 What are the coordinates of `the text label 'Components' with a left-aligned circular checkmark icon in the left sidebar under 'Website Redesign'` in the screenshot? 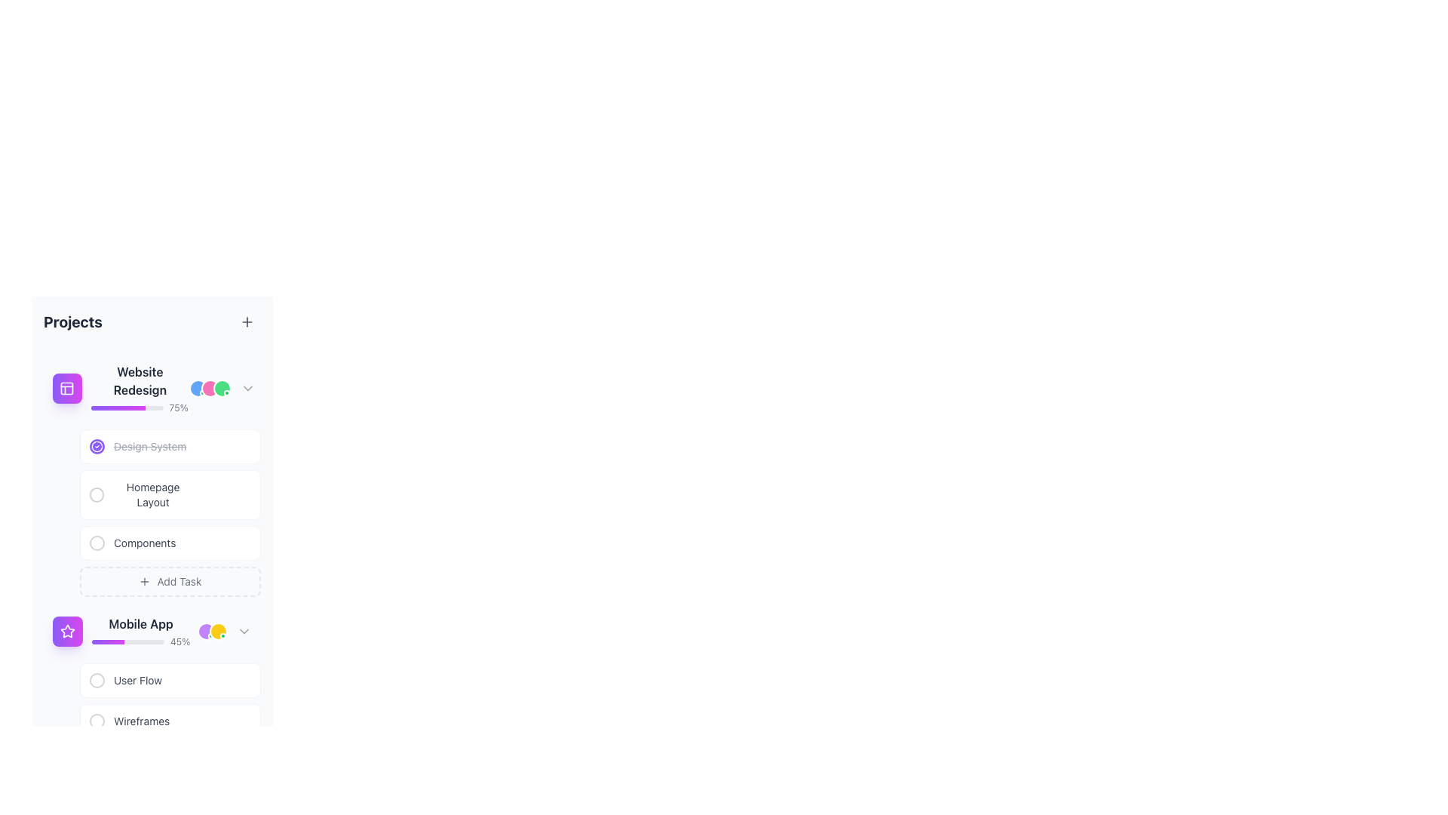 It's located at (133, 543).